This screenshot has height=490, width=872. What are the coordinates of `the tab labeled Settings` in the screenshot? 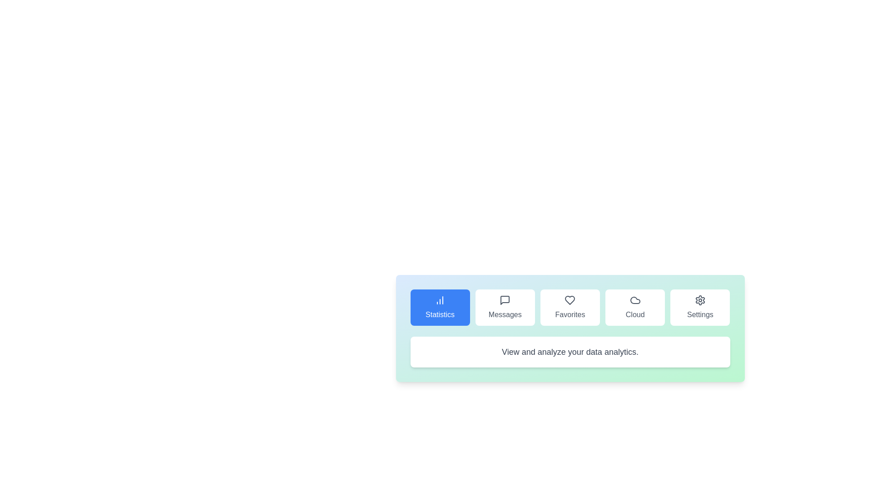 It's located at (699, 307).